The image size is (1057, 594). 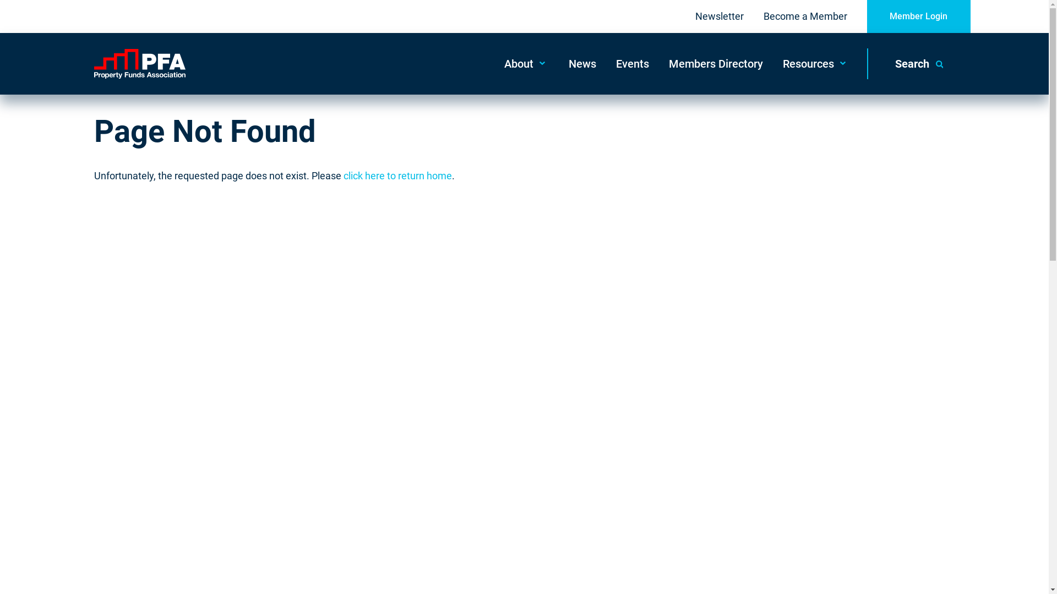 I want to click on 'Member Login', so click(x=918, y=16).